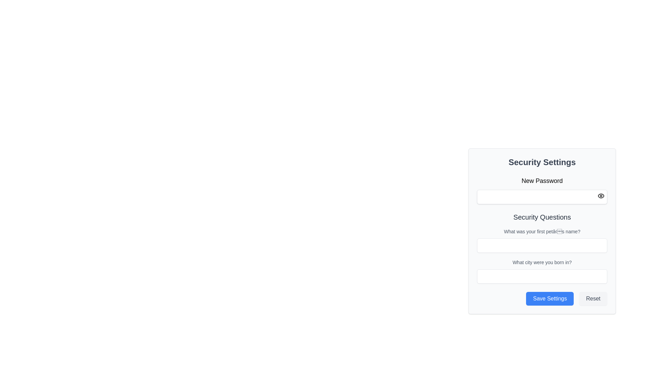  I want to click on the text label indicating the purpose of the adjacent password input field in the 'Security Settings' section, so click(542, 181).